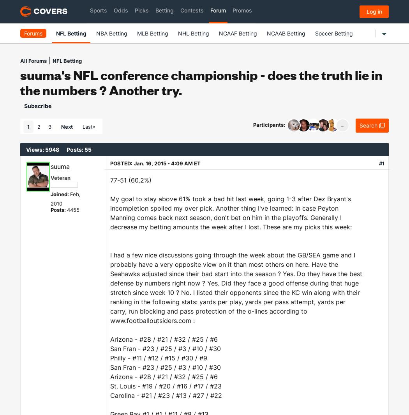  What do you see at coordinates (67, 209) in the screenshot?
I see `'4455'` at bounding box center [67, 209].